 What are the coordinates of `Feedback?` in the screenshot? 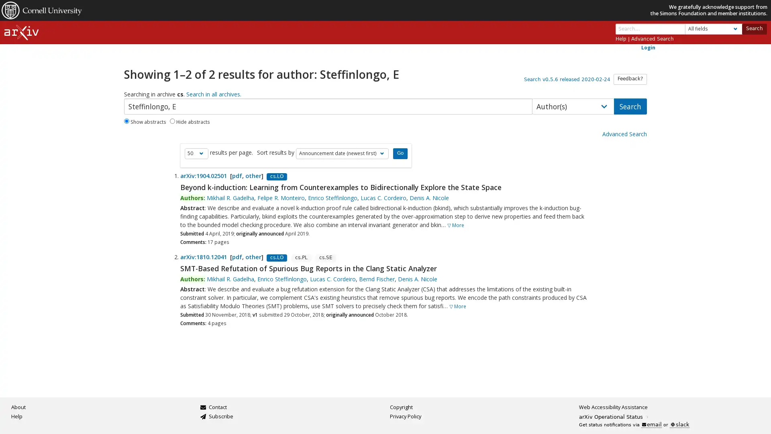 It's located at (630, 79).